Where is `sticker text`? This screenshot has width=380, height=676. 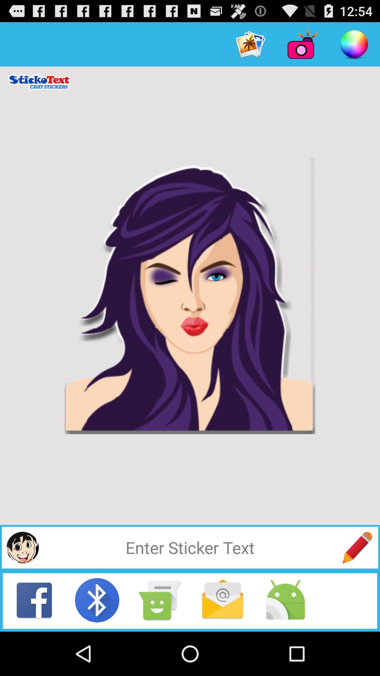
sticker text is located at coordinates (357, 547).